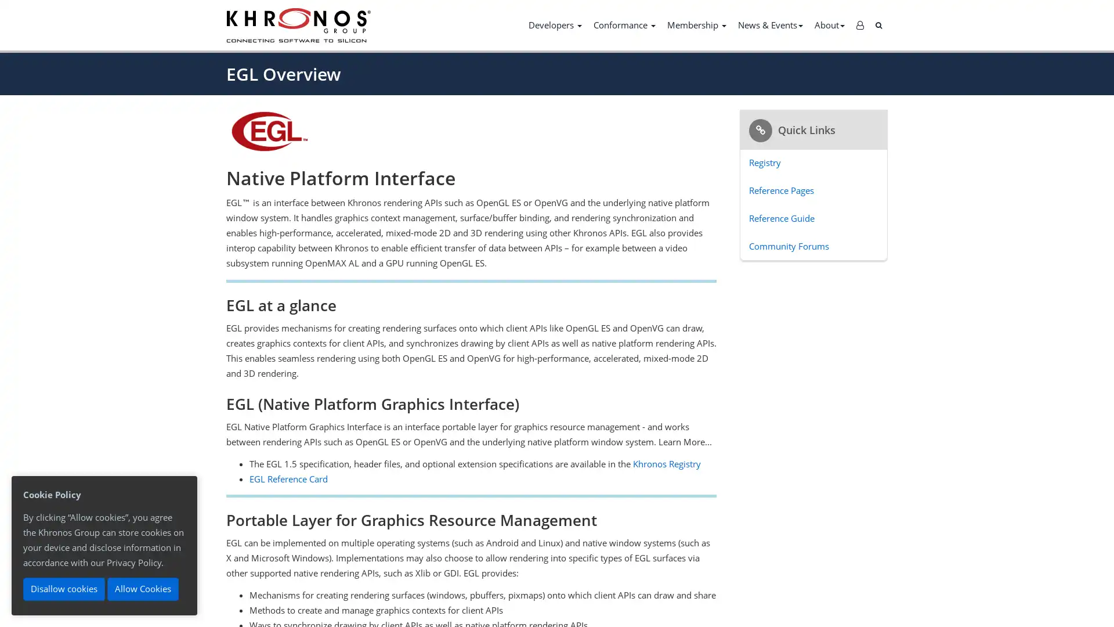 This screenshot has height=627, width=1114. Describe the element at coordinates (63, 589) in the screenshot. I see `Disallow cookies` at that location.